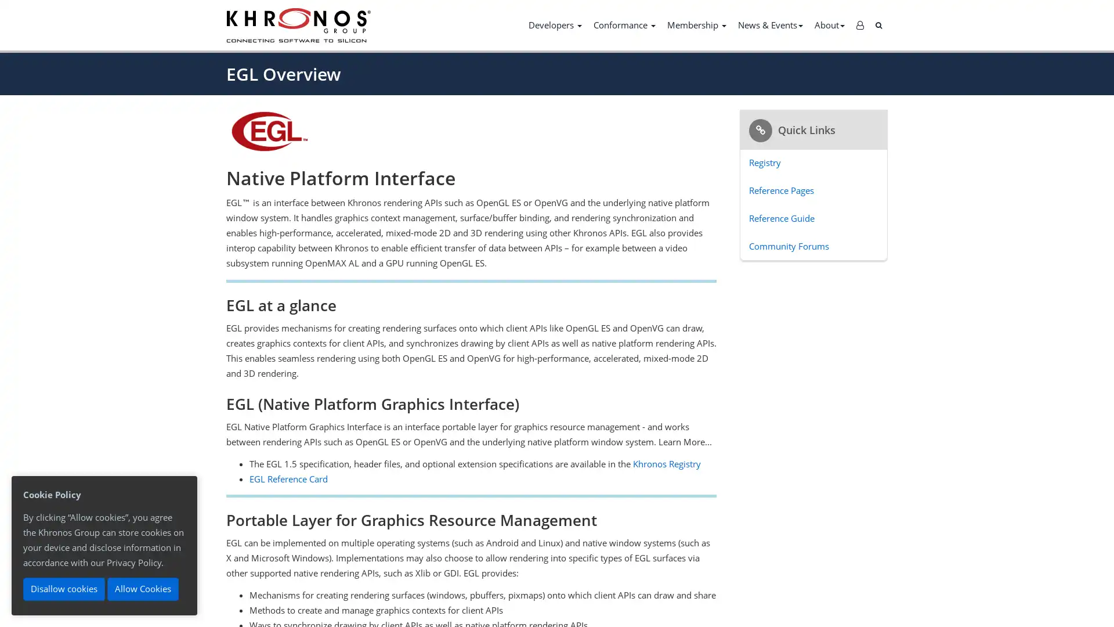 This screenshot has height=627, width=1114. Describe the element at coordinates (63, 589) in the screenshot. I see `Disallow cookies` at that location.